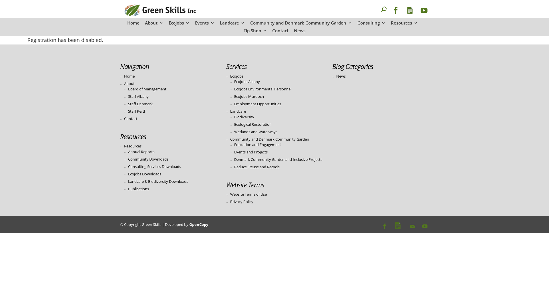 Image resolution: width=549 pixels, height=308 pixels. I want to click on 'Board of Management', so click(147, 89).